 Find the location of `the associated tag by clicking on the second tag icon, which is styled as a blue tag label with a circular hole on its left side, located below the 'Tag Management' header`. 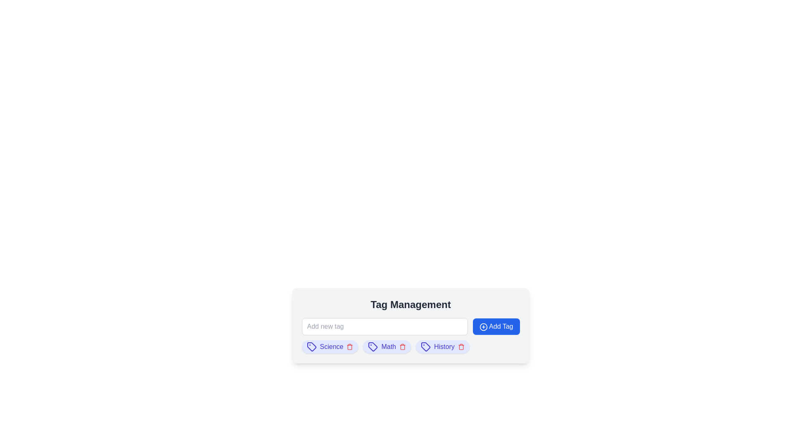

the associated tag by clicking on the second tag icon, which is styled as a blue tag label with a circular hole on its left side, located below the 'Tag Management' header is located at coordinates (372, 346).